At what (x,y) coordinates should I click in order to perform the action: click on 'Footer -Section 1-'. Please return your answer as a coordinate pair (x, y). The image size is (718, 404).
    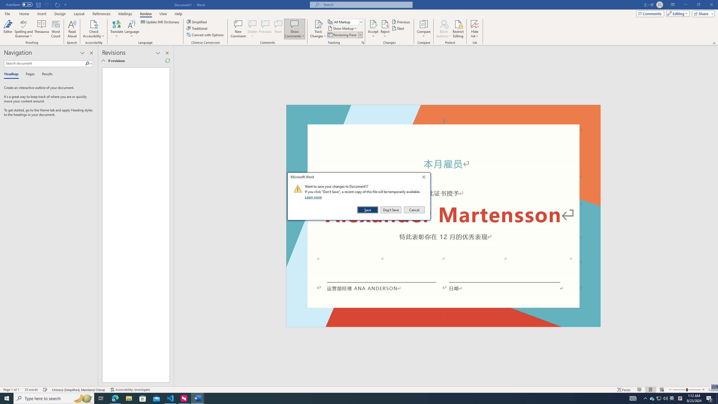
    Looking at the image, I should click on (443, 324).